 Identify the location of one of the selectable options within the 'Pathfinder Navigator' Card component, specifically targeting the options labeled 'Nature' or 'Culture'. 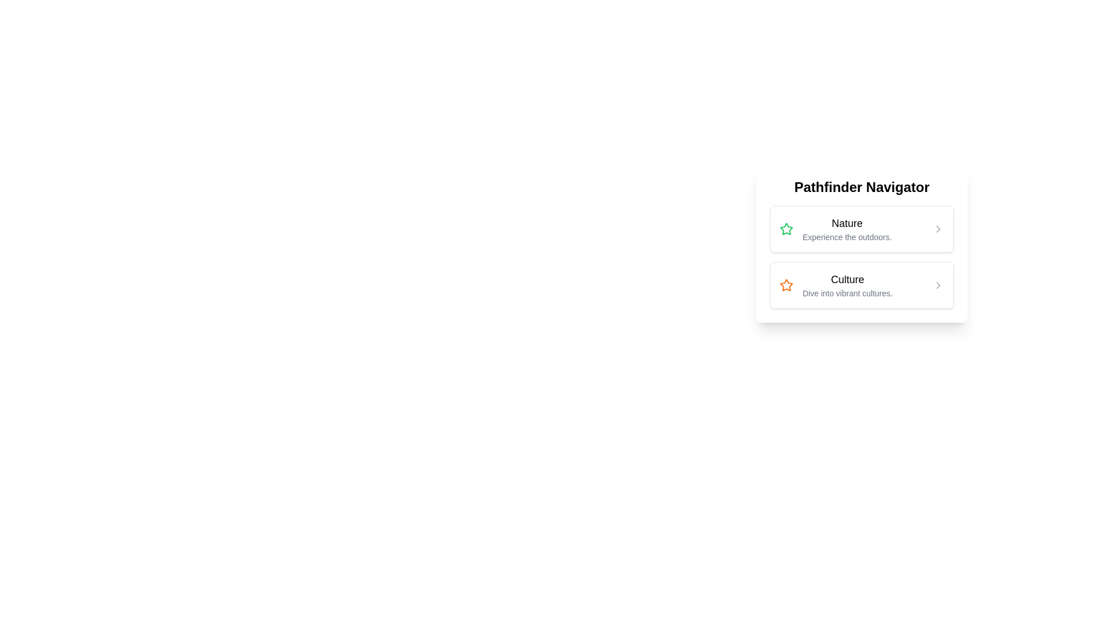
(862, 289).